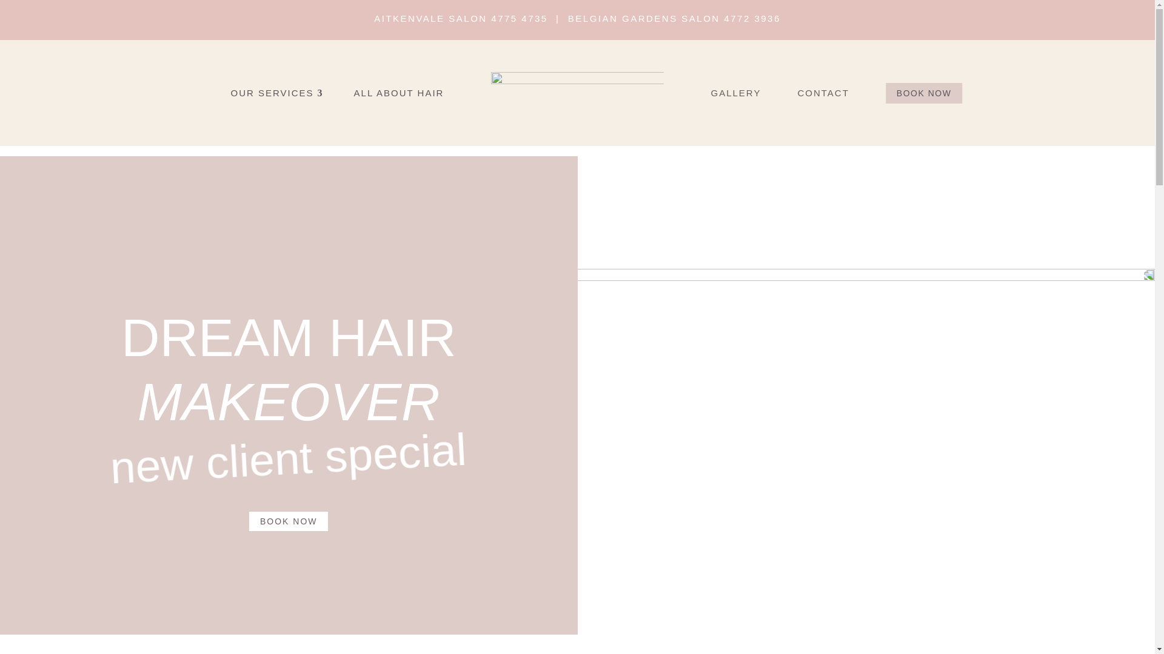 The width and height of the screenshot is (1164, 654). What do you see at coordinates (840, 92) in the screenshot?
I see `'CONTACT'` at bounding box center [840, 92].